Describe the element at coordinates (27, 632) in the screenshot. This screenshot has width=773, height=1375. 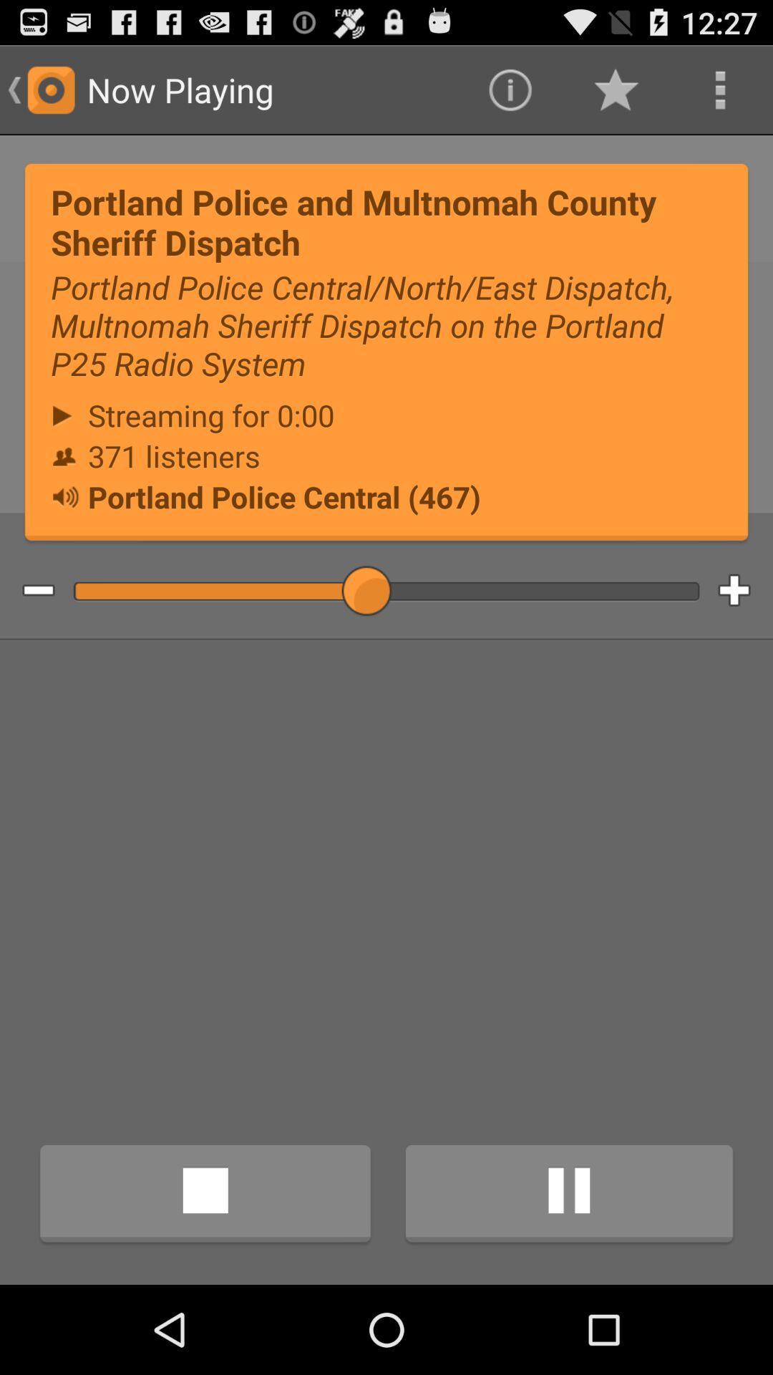
I see `the minus icon` at that location.